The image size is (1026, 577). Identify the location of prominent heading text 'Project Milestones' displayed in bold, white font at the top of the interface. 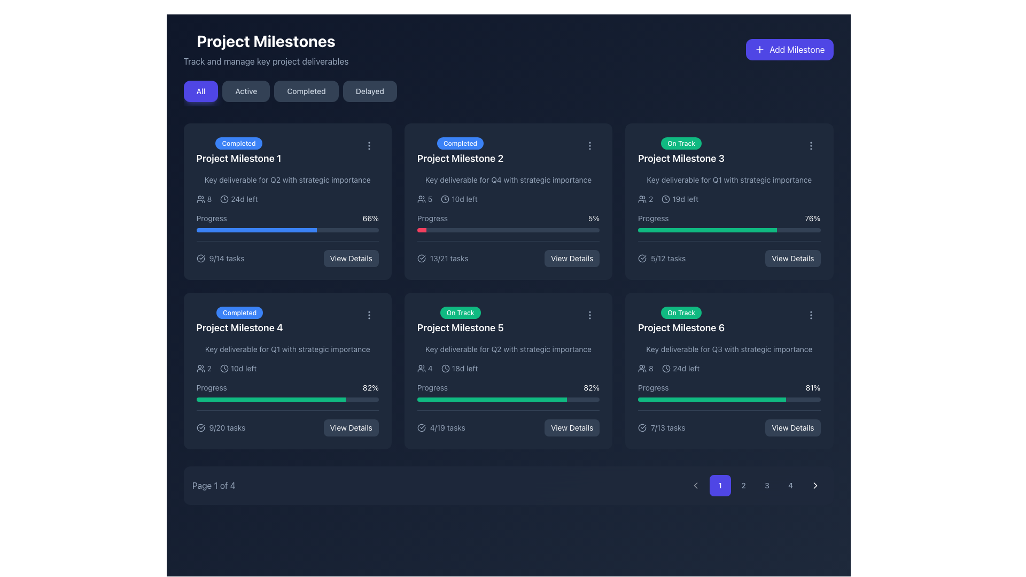
(266, 41).